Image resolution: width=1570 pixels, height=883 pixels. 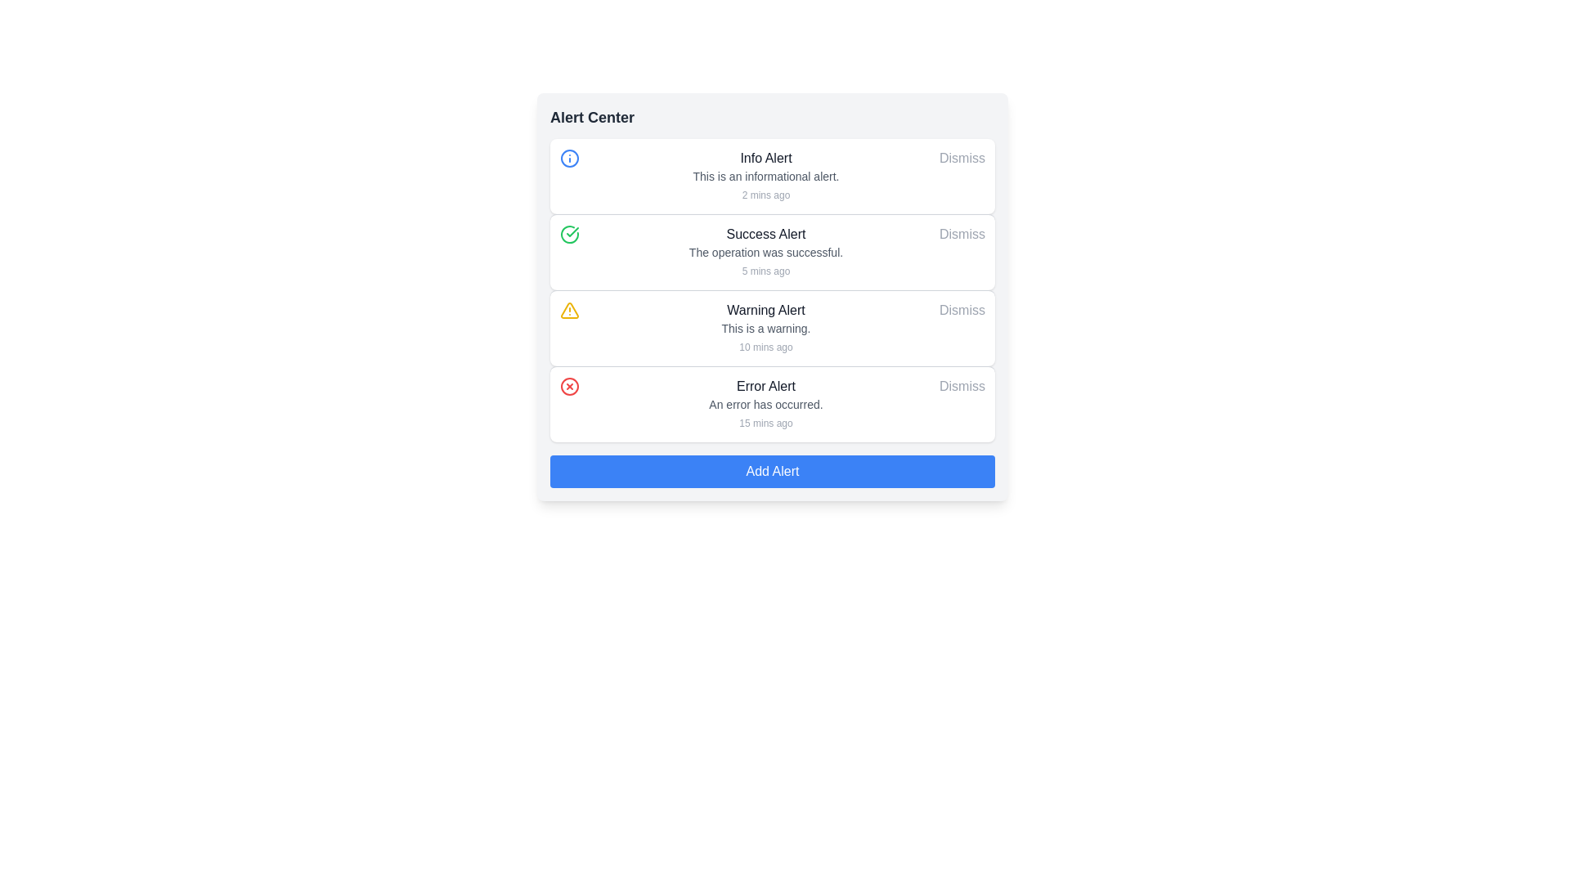 What do you see at coordinates (765, 252) in the screenshot?
I see `the Informational display component that indicates a successful operation, located in the second row of the alerts in the 'Alert Center', positioned under the 'Info Alert' and above the 'Warning Alert'` at bounding box center [765, 252].